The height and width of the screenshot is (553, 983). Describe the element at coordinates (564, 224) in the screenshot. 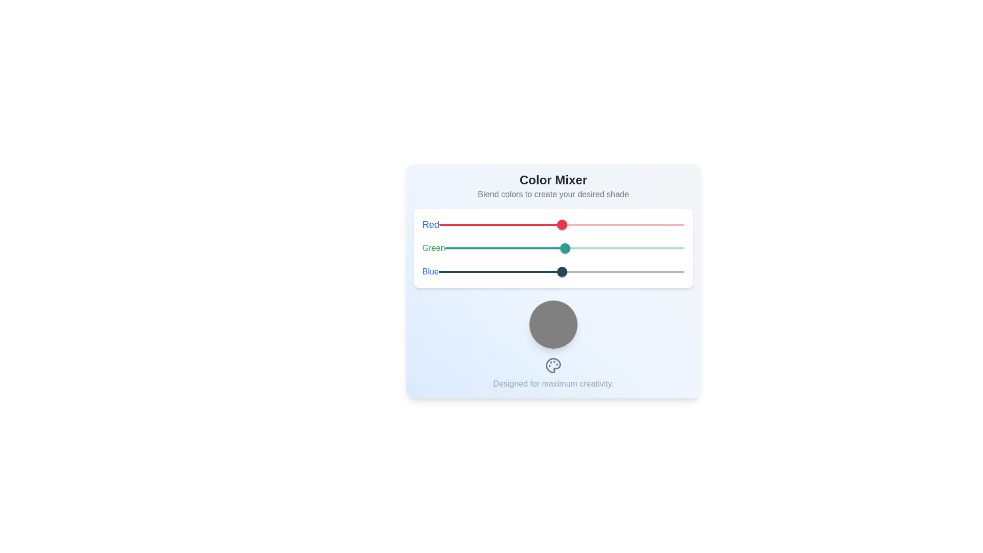

I see `the red component of the color` at that location.